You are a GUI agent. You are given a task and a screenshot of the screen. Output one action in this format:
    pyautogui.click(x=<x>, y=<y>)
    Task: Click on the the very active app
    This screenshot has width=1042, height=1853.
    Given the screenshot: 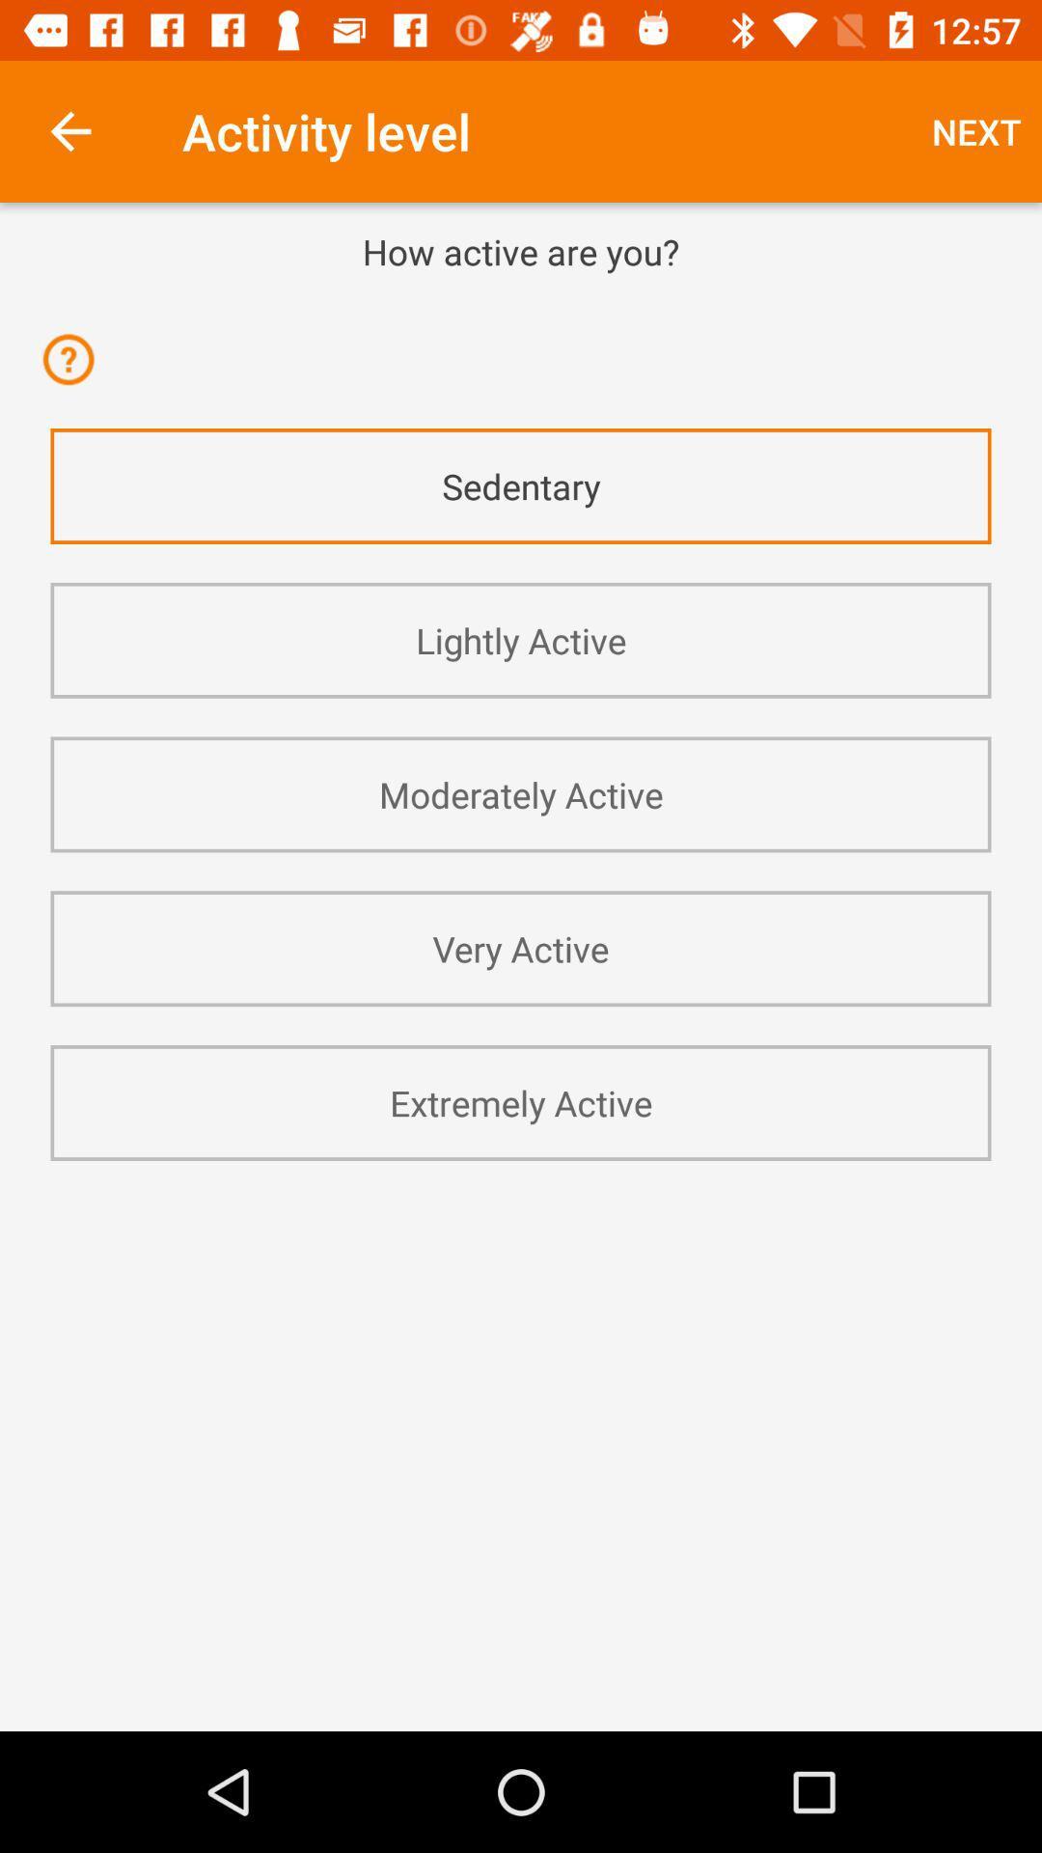 What is the action you would take?
    pyautogui.click(x=521, y=949)
    